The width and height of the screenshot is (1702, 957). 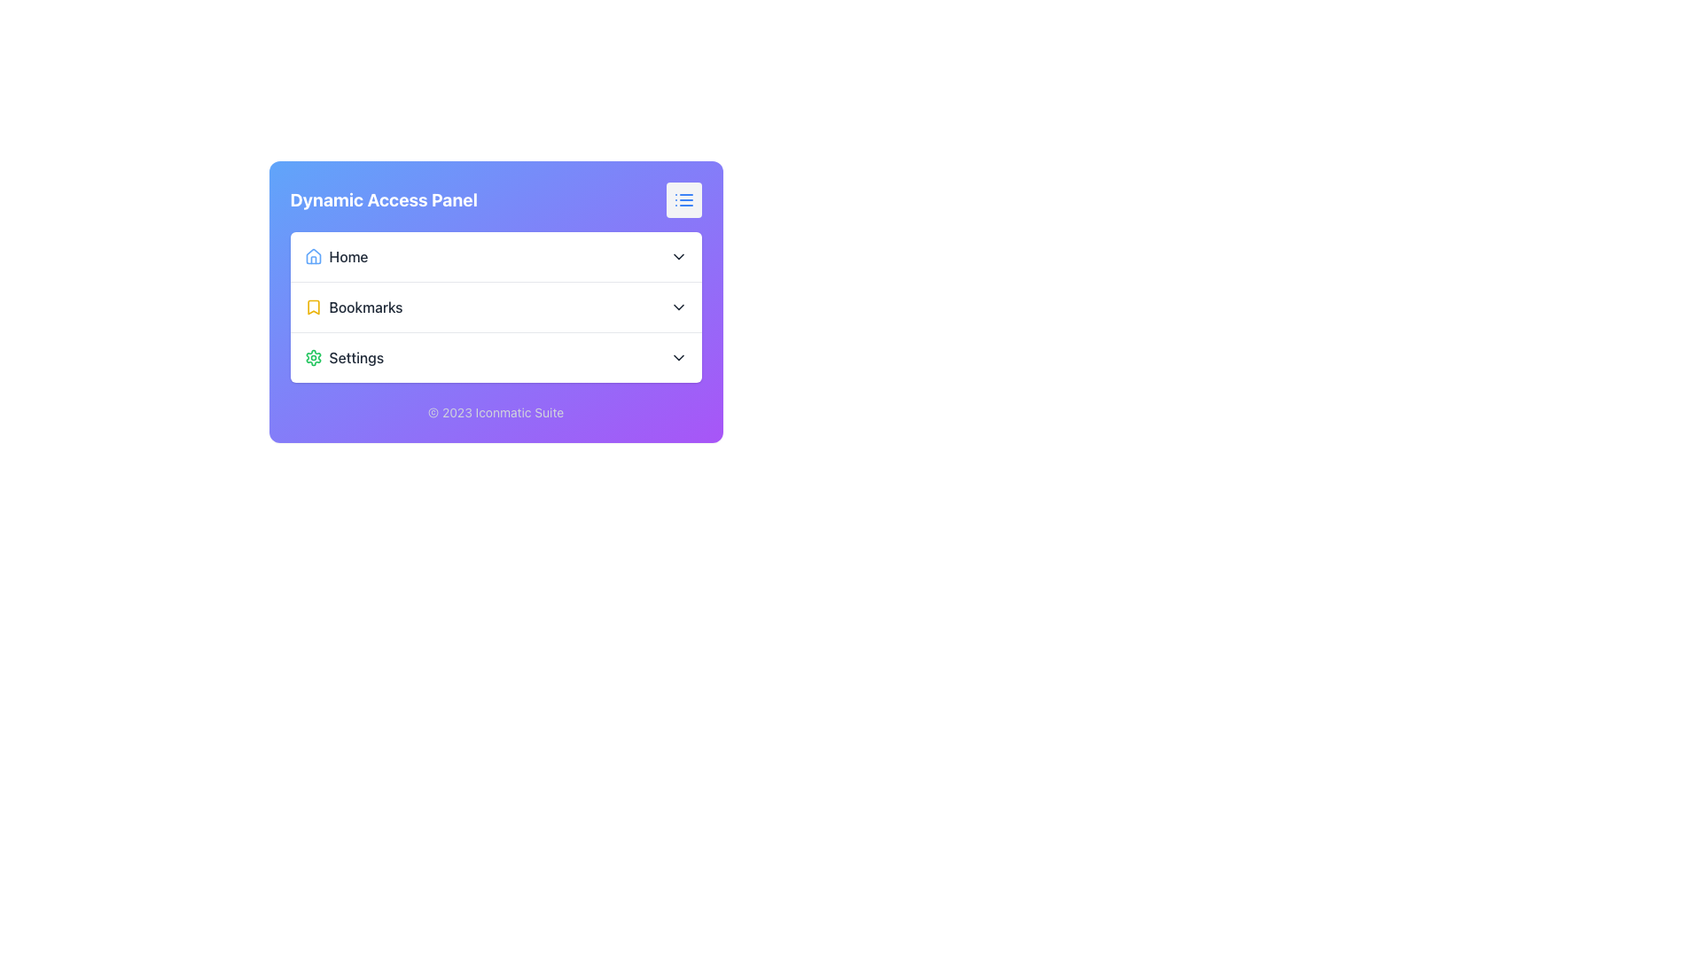 I want to click on the 'Home' button, which features a blue house icon and is the first item in the vertical navigation menu, so click(x=336, y=256).